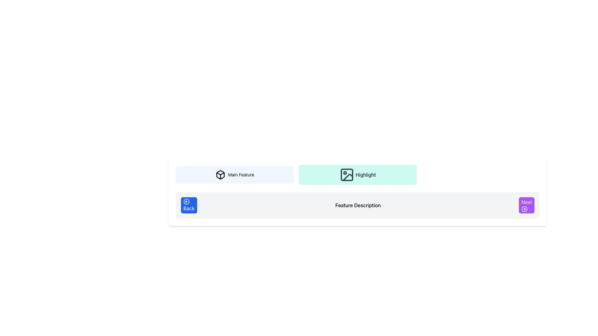 This screenshot has height=336, width=598. Describe the element at coordinates (346, 175) in the screenshot. I see `the 'Highlight' feature button` at that location.